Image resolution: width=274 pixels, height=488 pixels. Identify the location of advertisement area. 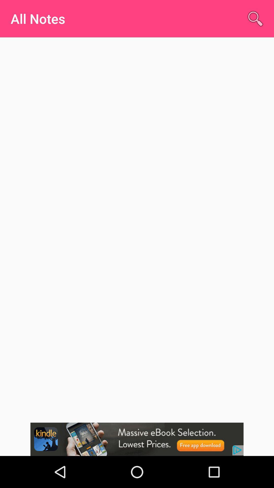
(137, 439).